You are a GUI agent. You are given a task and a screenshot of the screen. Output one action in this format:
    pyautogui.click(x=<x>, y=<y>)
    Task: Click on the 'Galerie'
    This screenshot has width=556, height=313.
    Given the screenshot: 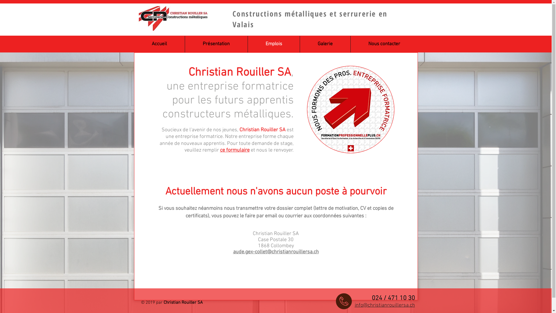 What is the action you would take?
    pyautogui.click(x=325, y=44)
    